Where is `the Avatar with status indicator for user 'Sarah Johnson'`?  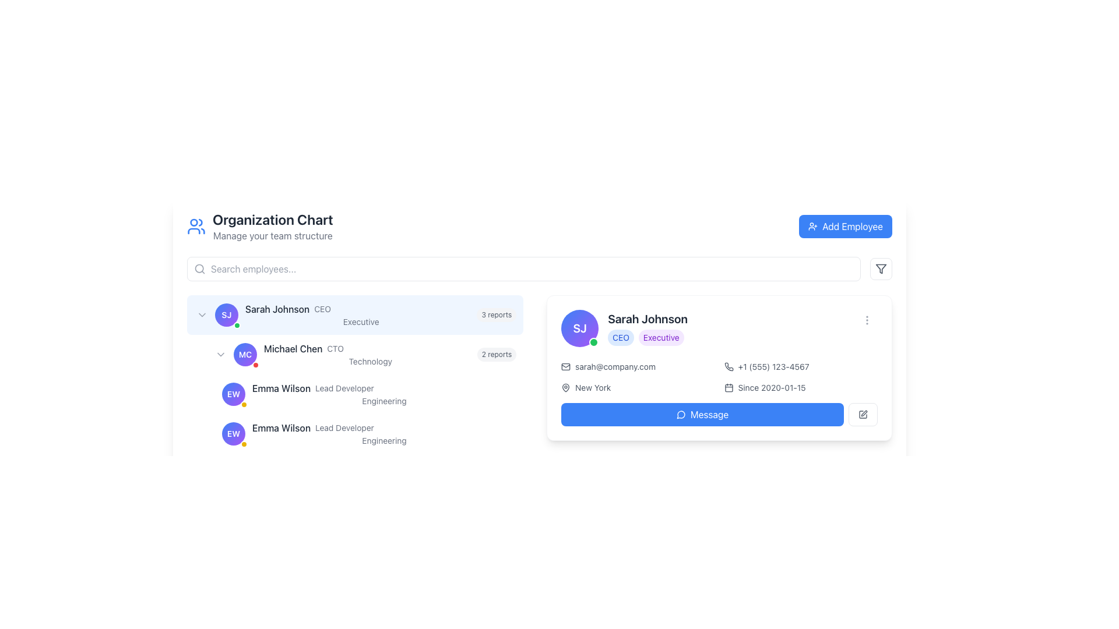
the Avatar with status indicator for user 'Sarah Johnson' is located at coordinates (226, 314).